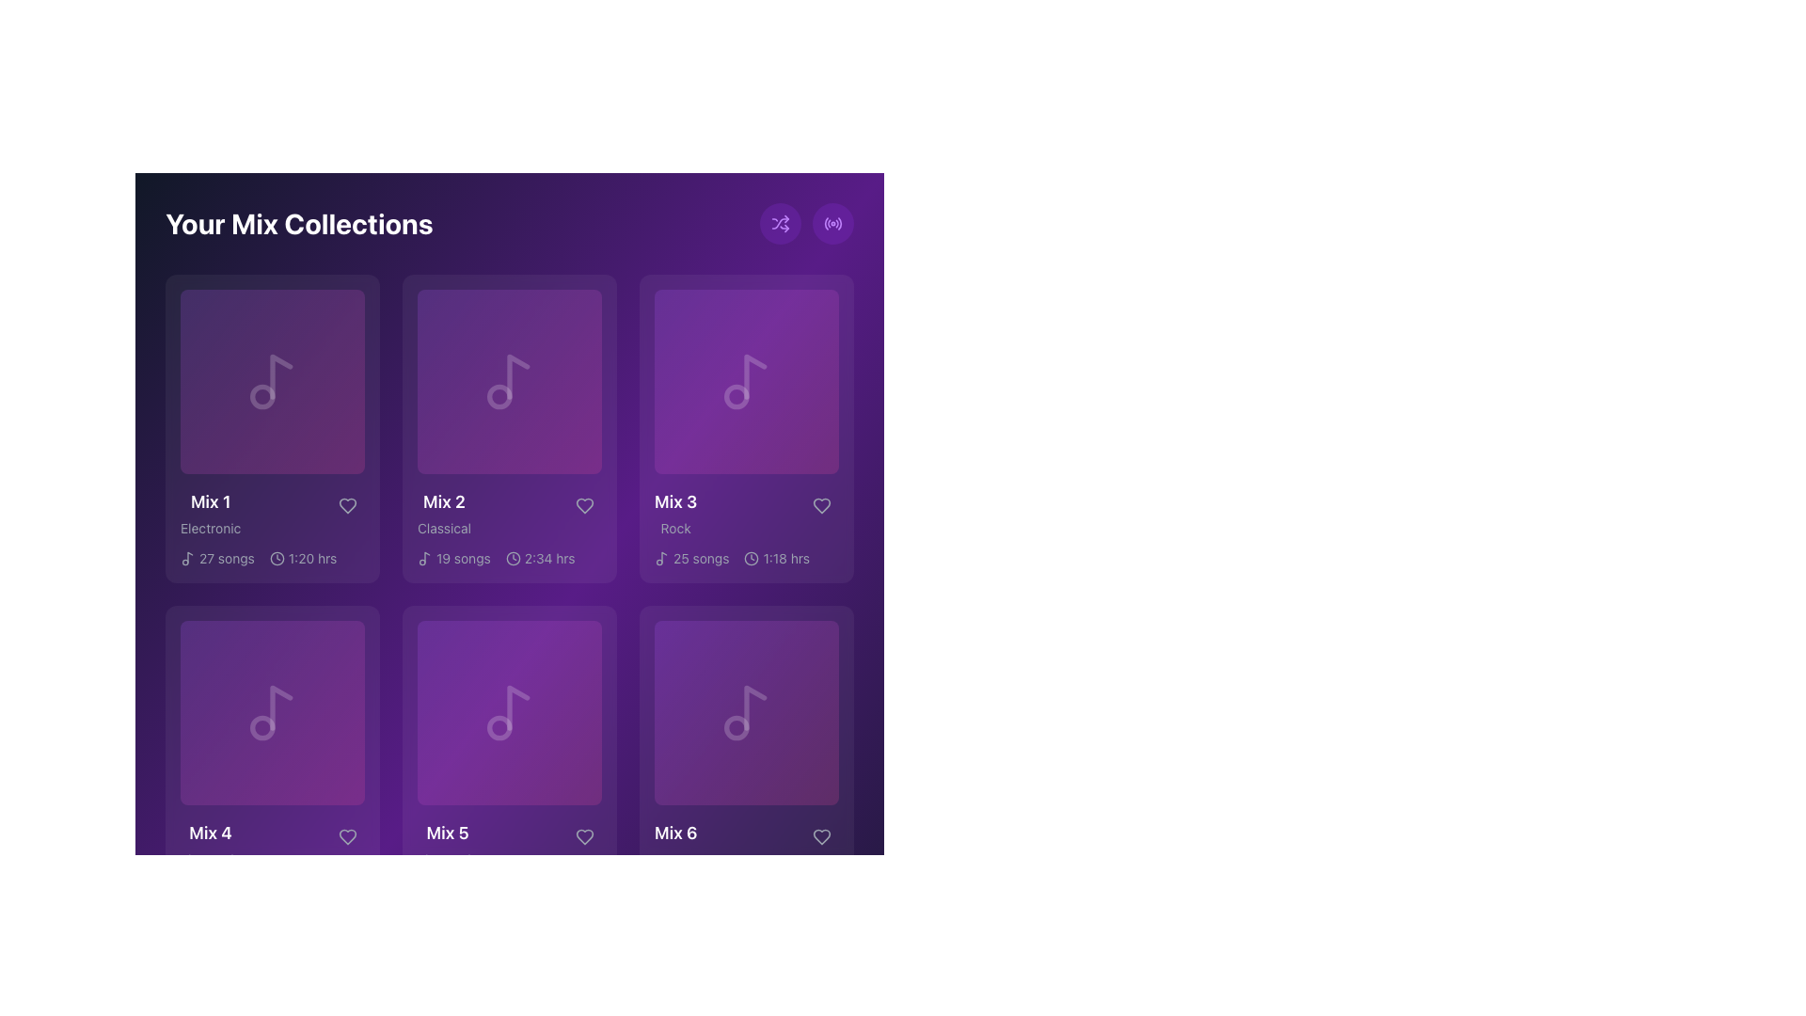  I want to click on the text element indicating the name 'Mix 4' which is located in the bottom-left section of the layout grid, inside the card for 'Mix 4', so click(211, 833).